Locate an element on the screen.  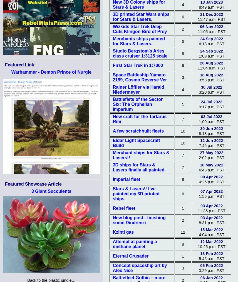
'13 Jan 2023' is located at coordinates (211, 2).